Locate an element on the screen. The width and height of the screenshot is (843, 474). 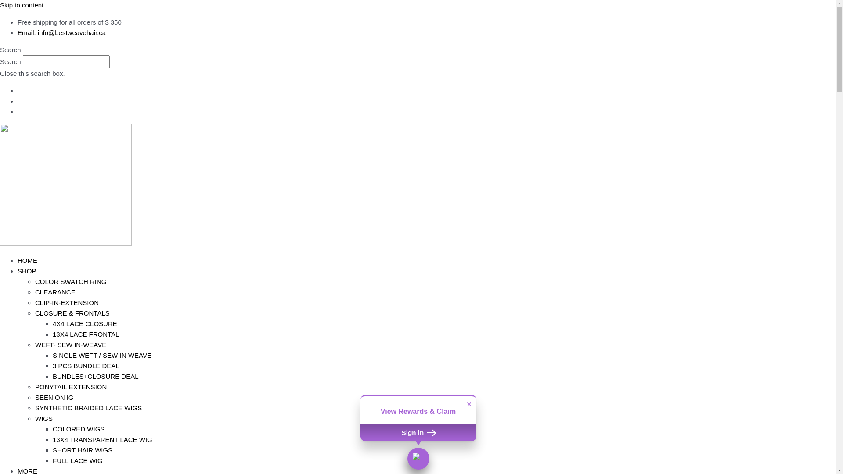
'Sign in' is located at coordinates (360, 431).